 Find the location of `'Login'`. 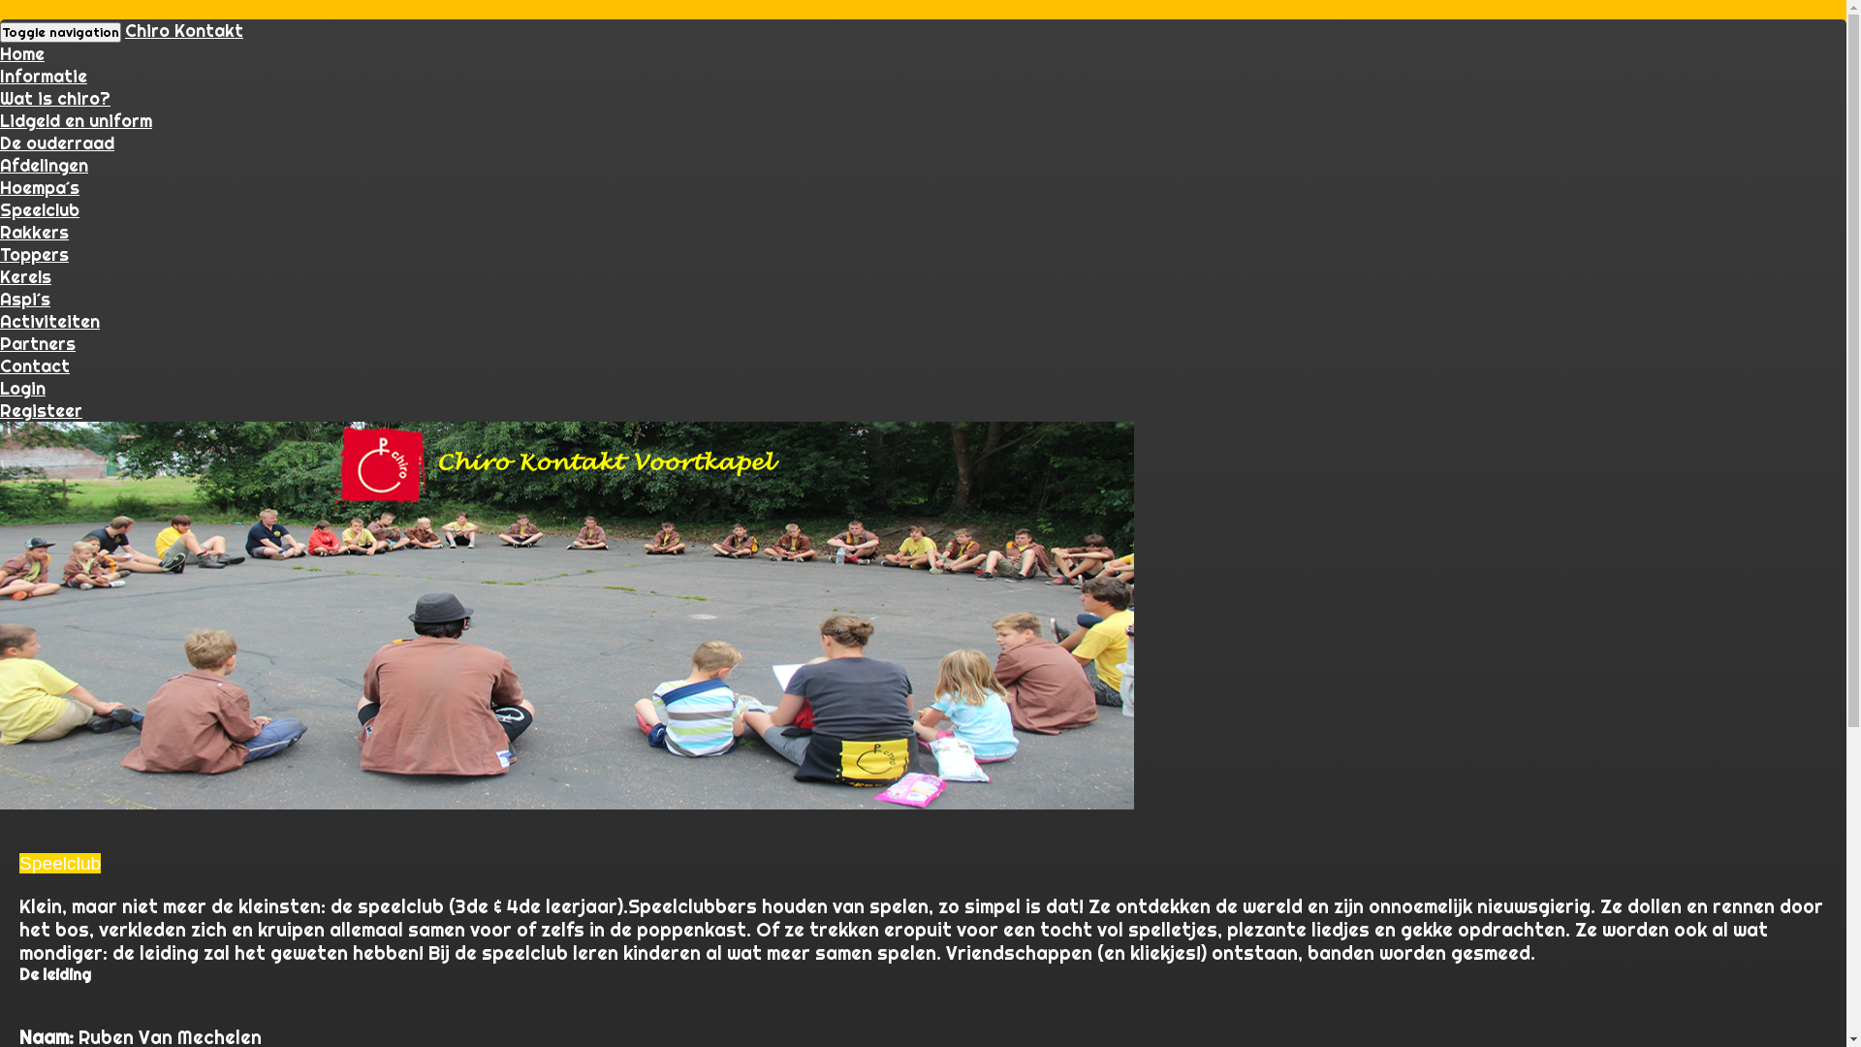

'Login' is located at coordinates (22, 388).